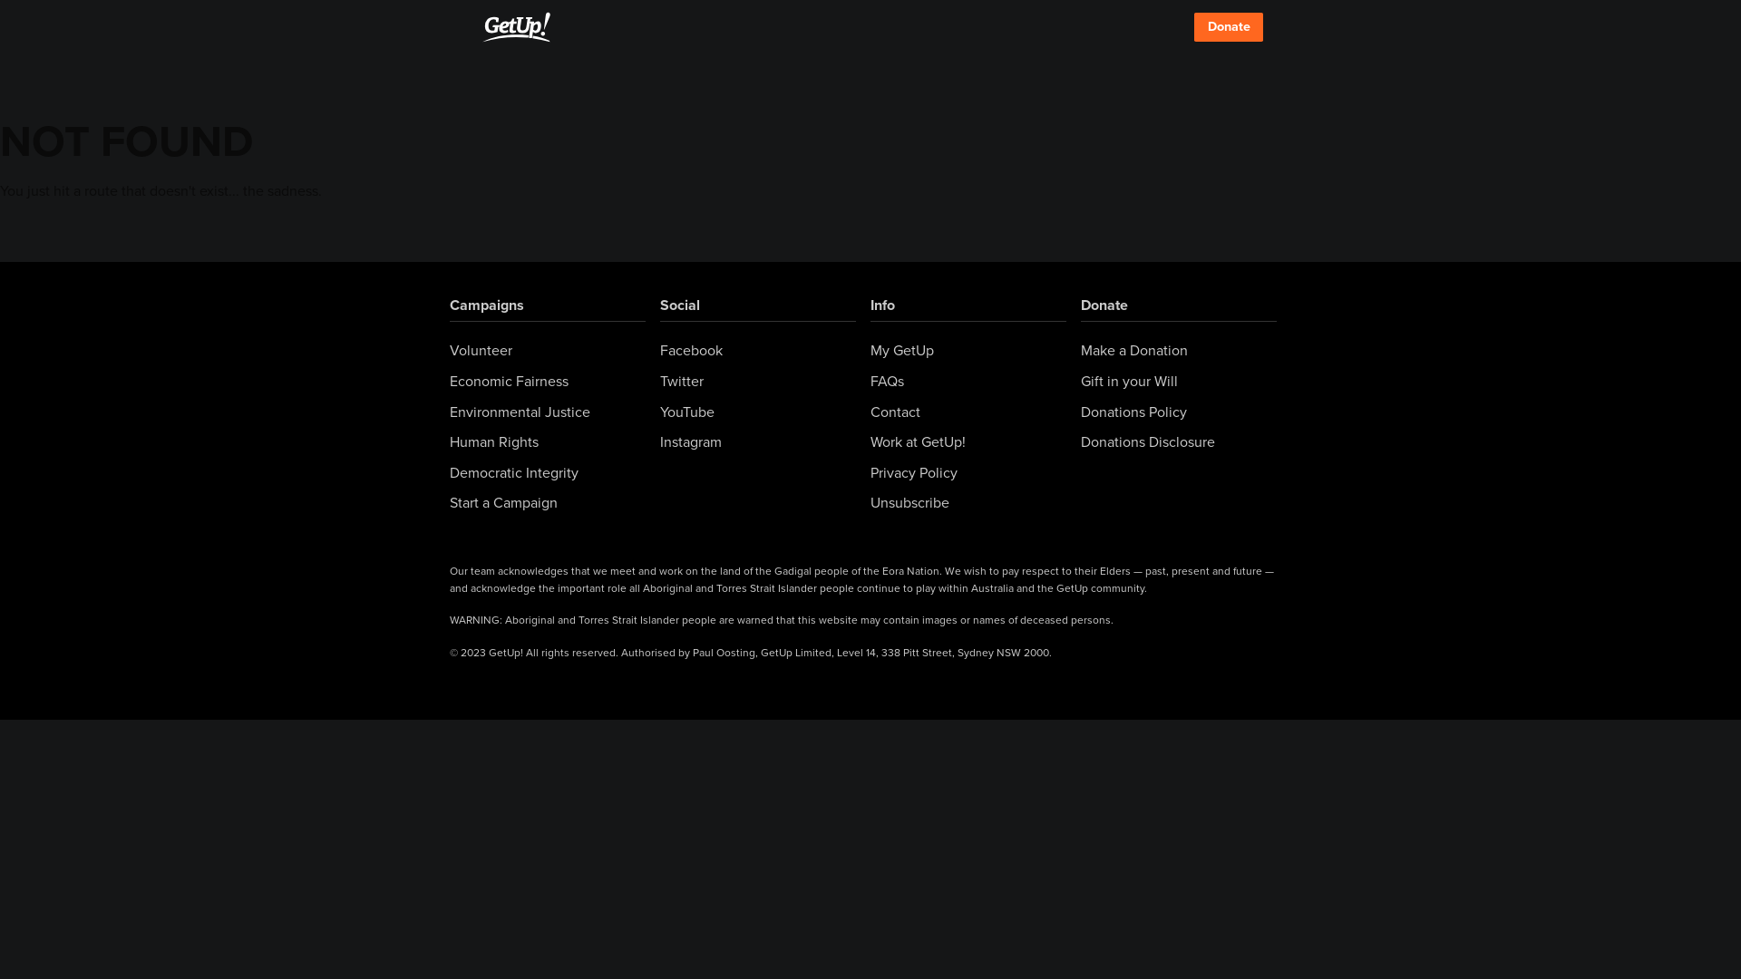  Describe the element at coordinates (508, 380) in the screenshot. I see `'Economic Fairness'` at that location.